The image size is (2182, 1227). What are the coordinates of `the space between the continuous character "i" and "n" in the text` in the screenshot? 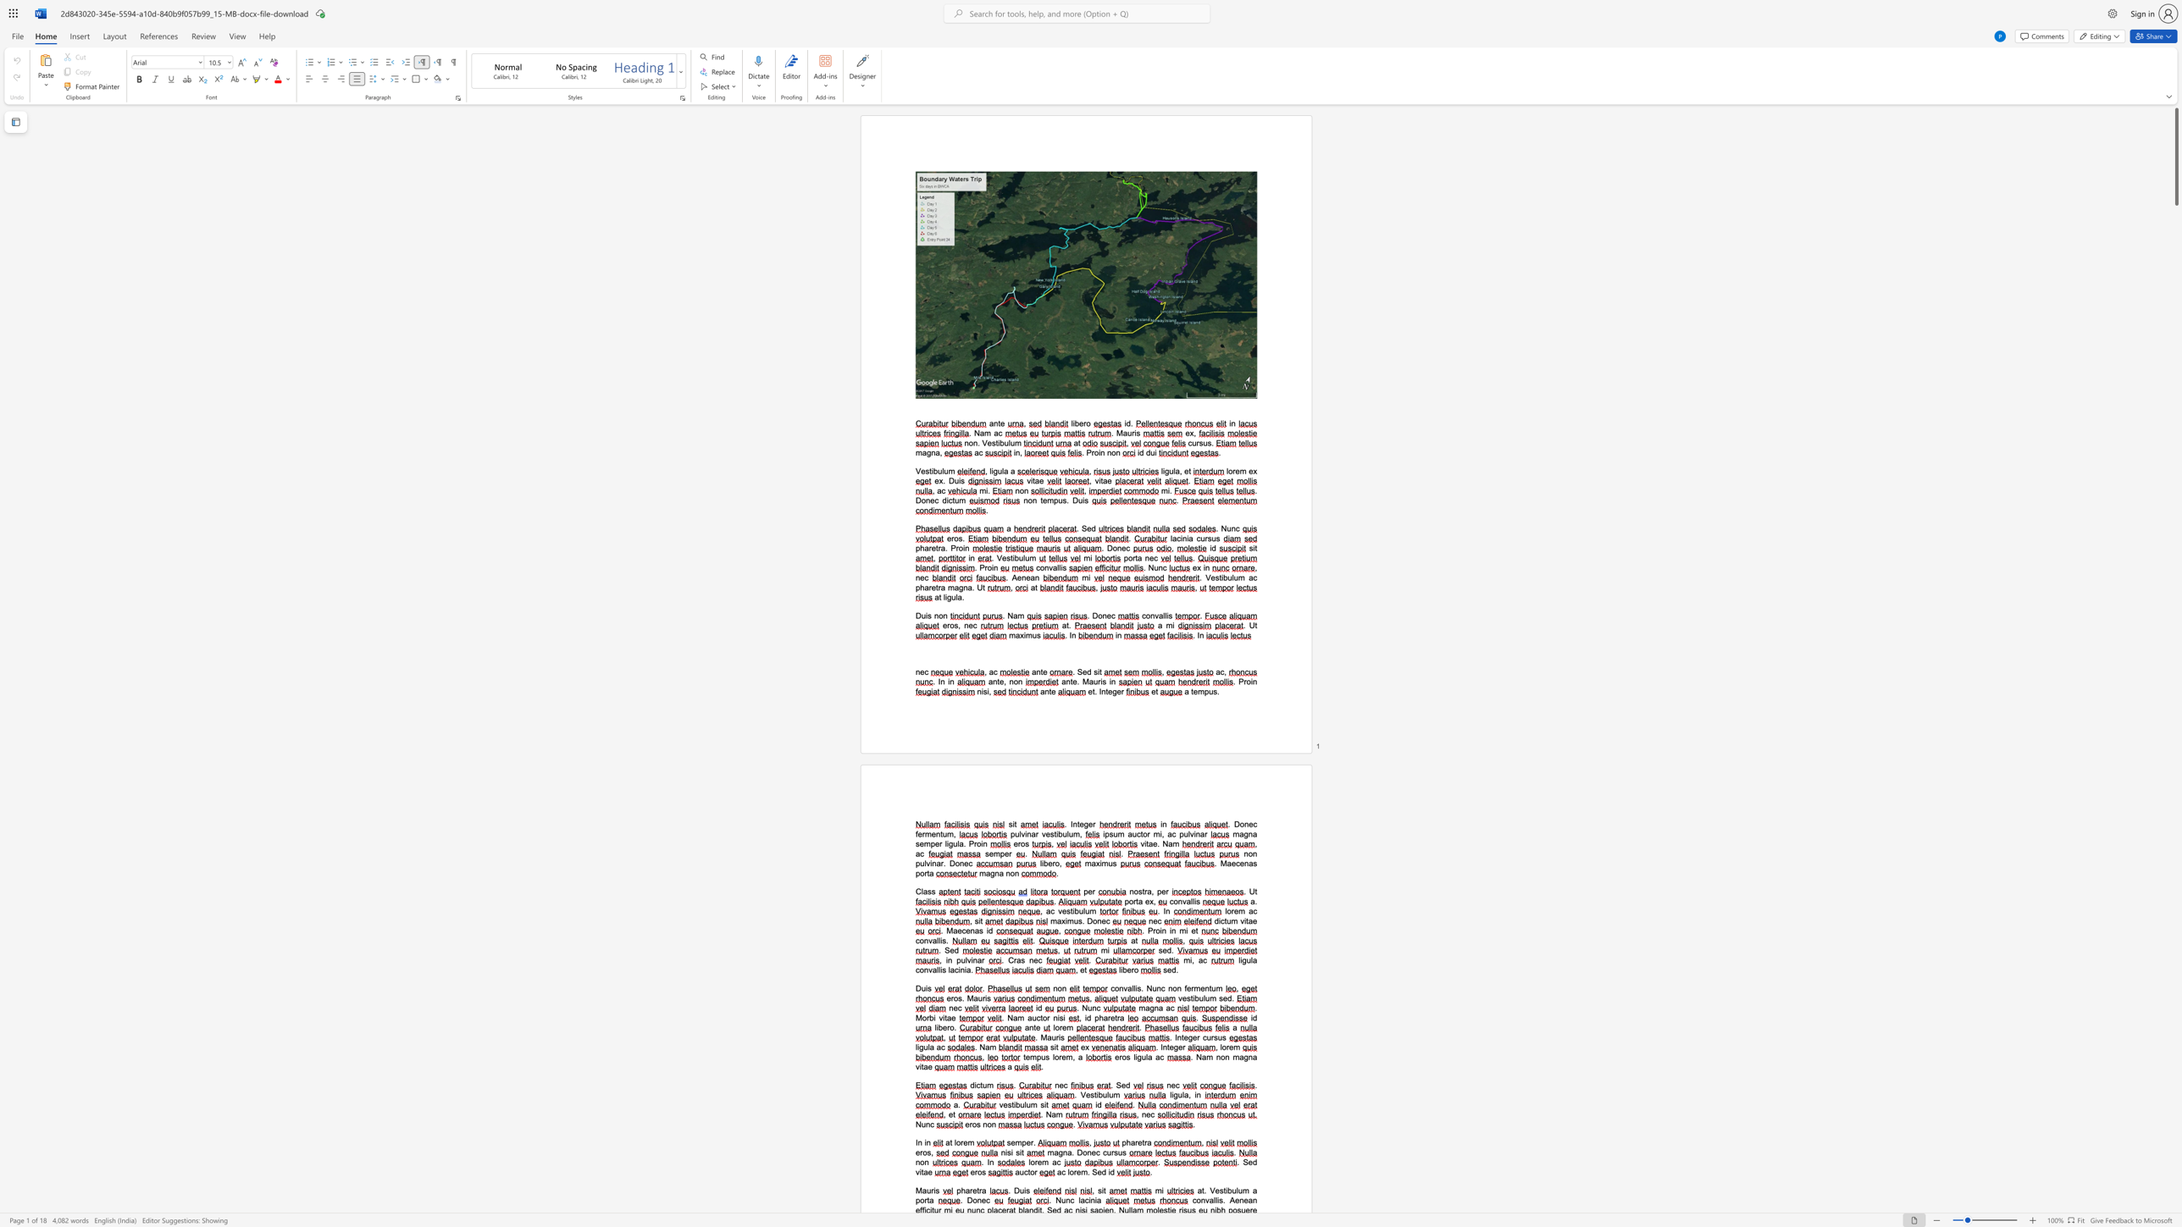 It's located at (932, 862).